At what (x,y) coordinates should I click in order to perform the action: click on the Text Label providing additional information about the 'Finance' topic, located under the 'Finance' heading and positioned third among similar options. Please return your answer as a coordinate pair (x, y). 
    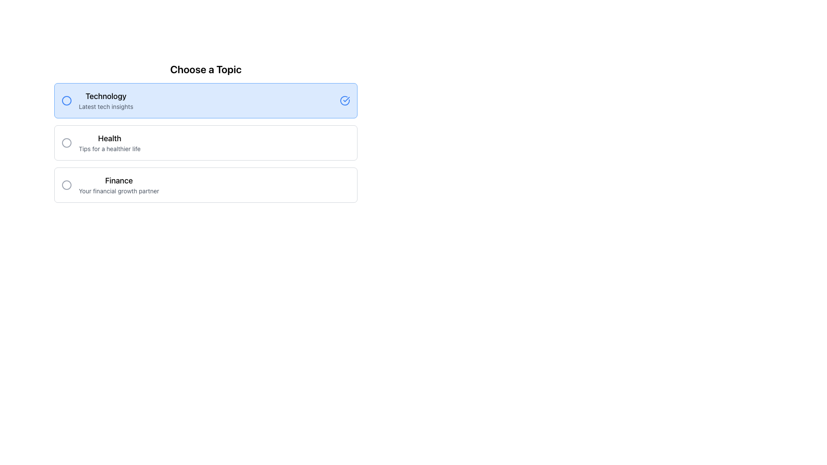
    Looking at the image, I should click on (118, 190).